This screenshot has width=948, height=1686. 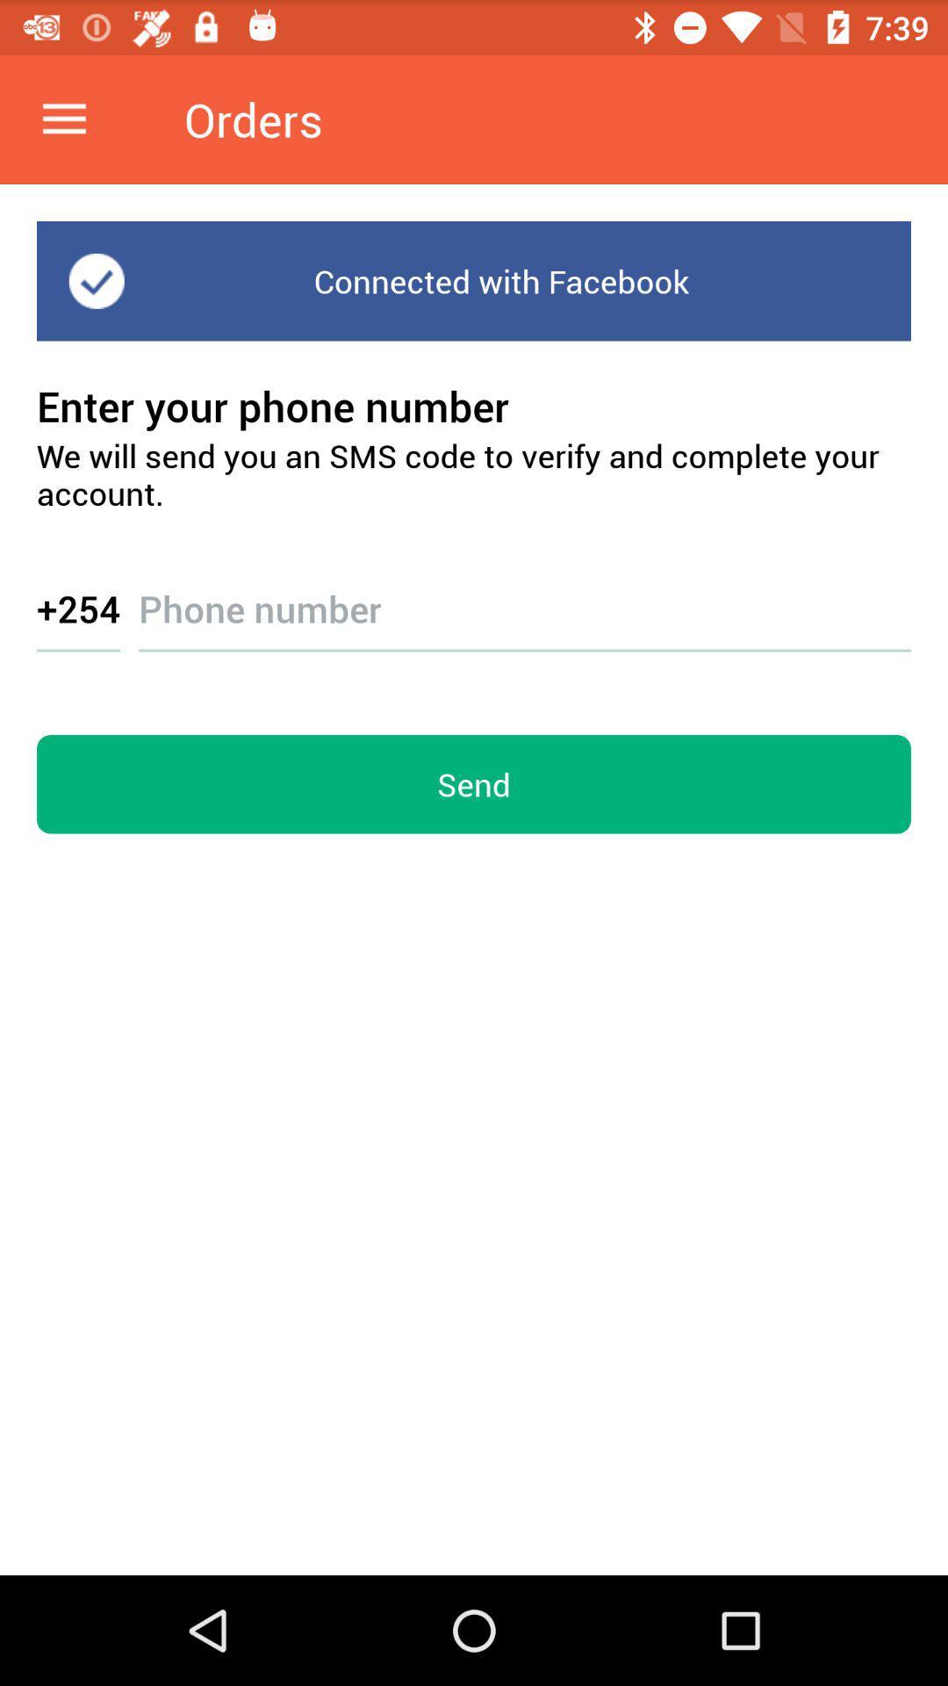 I want to click on item on the left, so click(x=77, y=608).